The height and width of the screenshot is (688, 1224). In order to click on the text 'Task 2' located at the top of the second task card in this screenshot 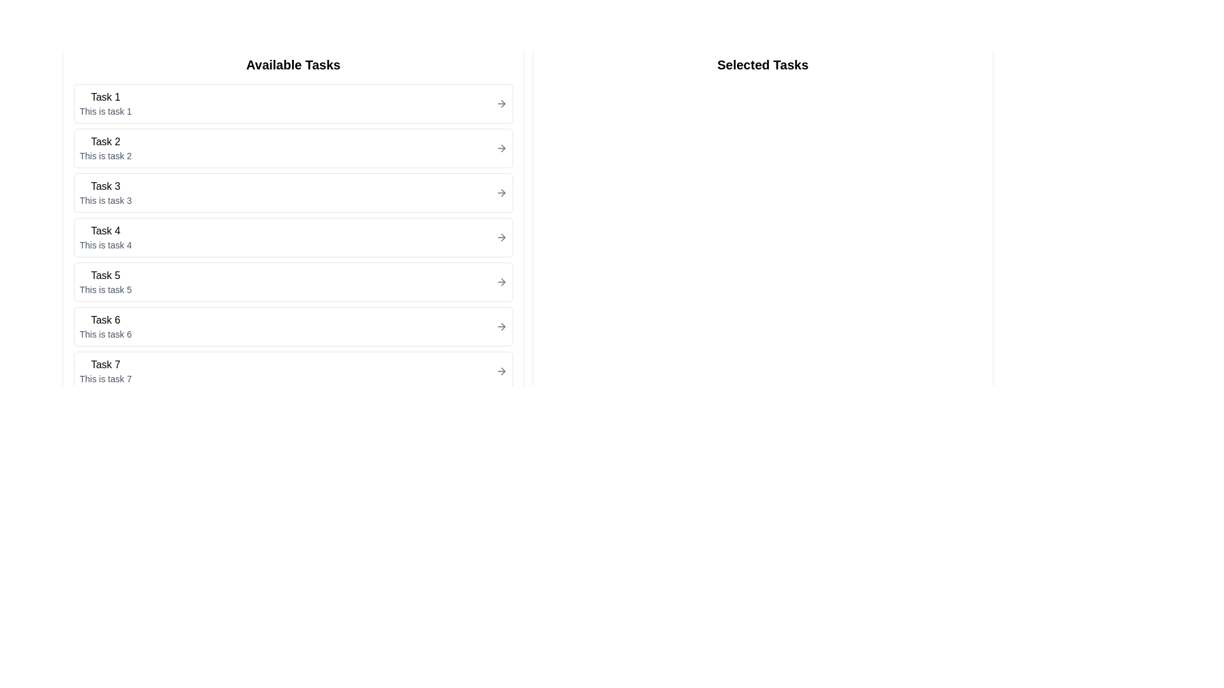, I will do `click(105, 142)`.